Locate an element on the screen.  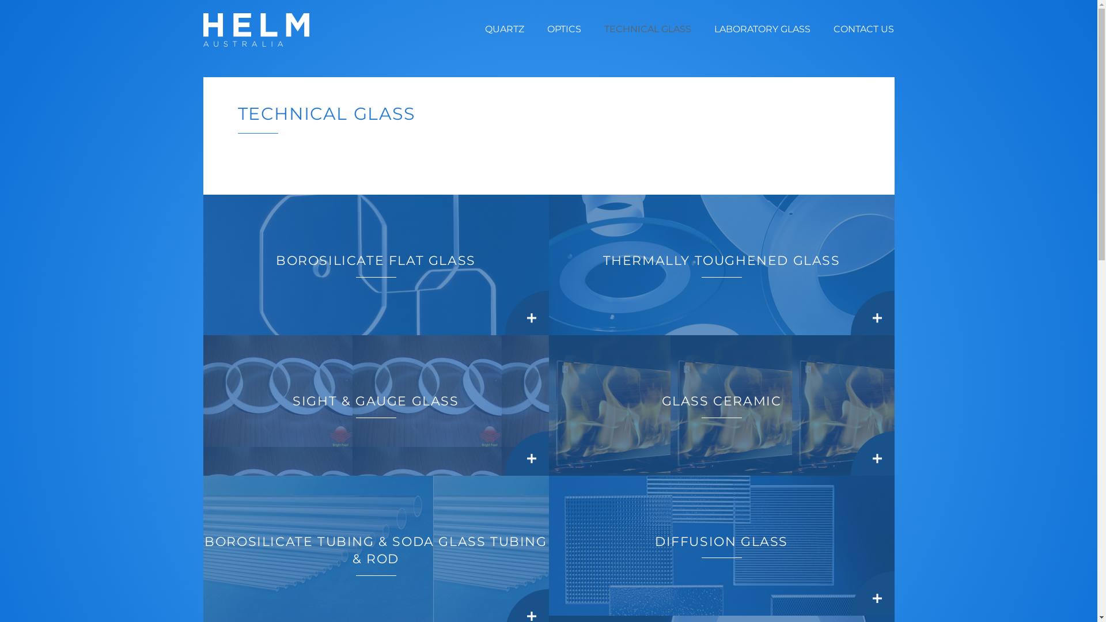
'TECHNICAL GLASS' is located at coordinates (647, 28).